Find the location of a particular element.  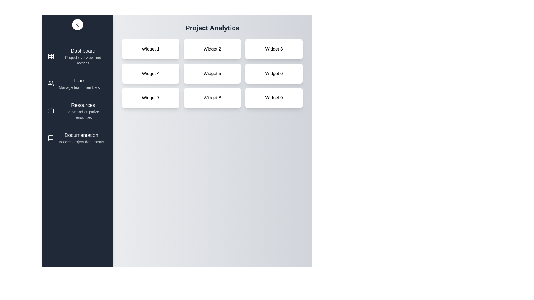

the button at the top-left corner of the sidebar to toggle its visibility is located at coordinates (77, 24).